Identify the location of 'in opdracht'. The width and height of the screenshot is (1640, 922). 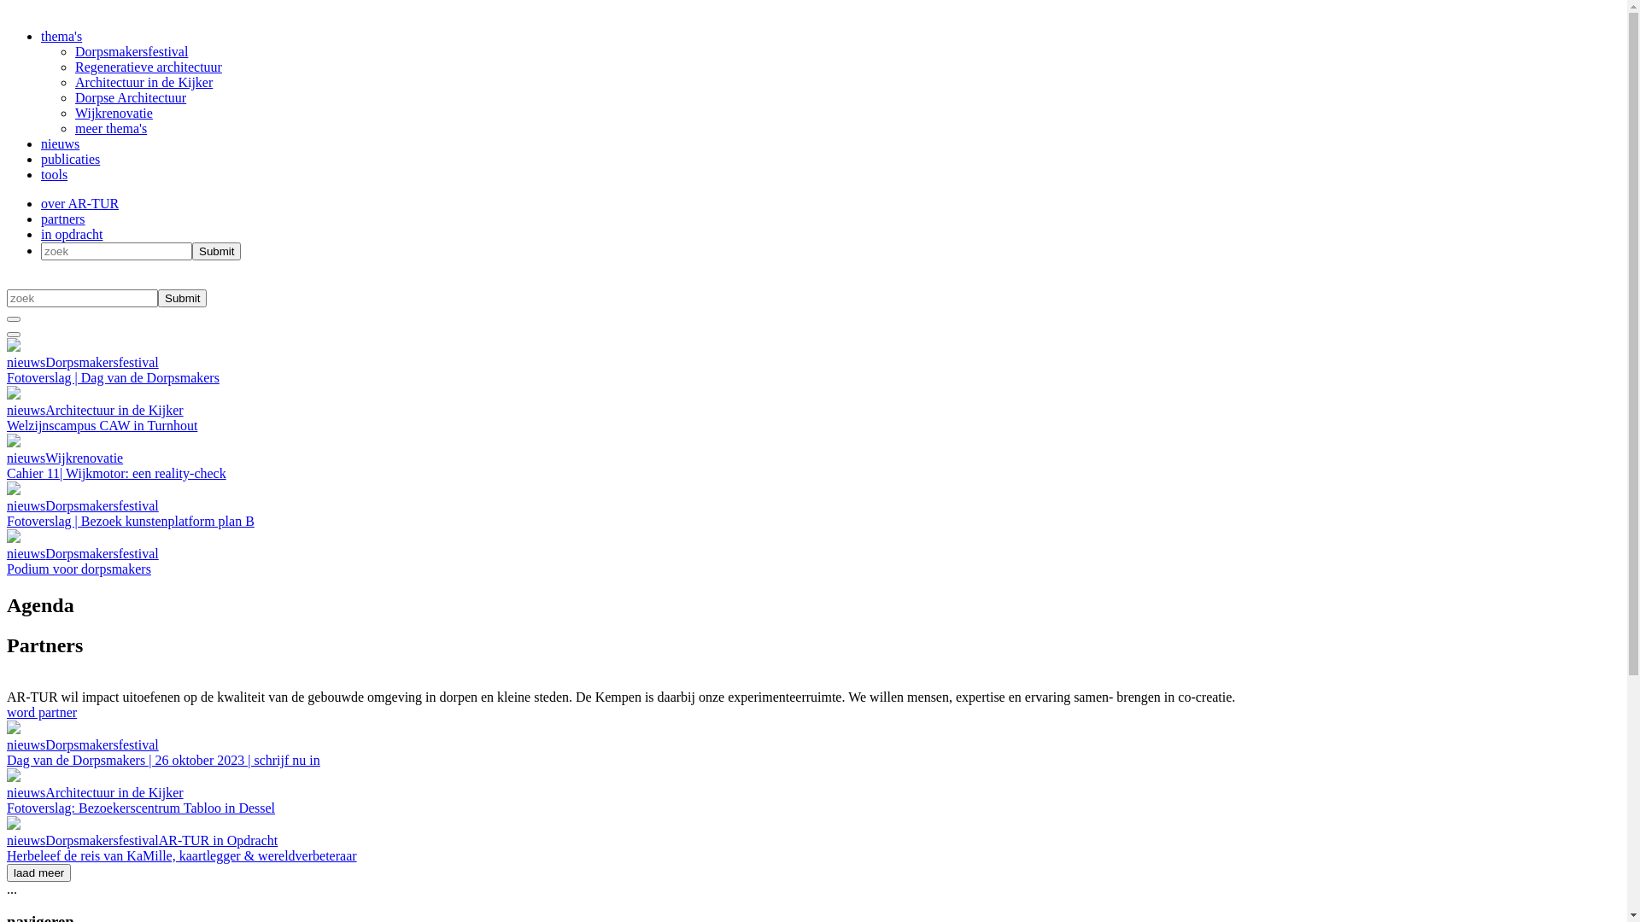
(70, 234).